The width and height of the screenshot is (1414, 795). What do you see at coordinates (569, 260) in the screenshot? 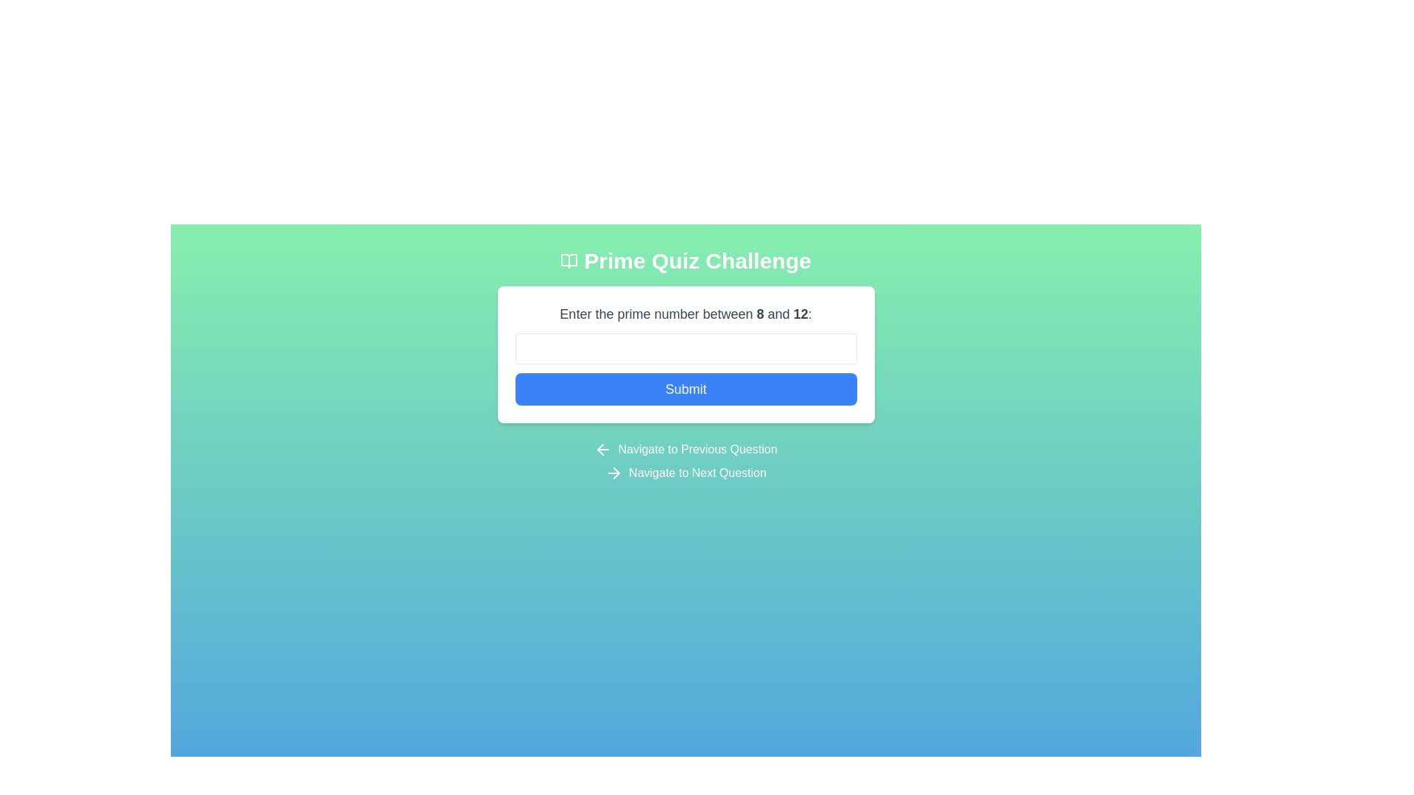
I see `the decorative icon located to the left of the 'Prime Quiz Challenge' text in the header area of the interface` at bounding box center [569, 260].